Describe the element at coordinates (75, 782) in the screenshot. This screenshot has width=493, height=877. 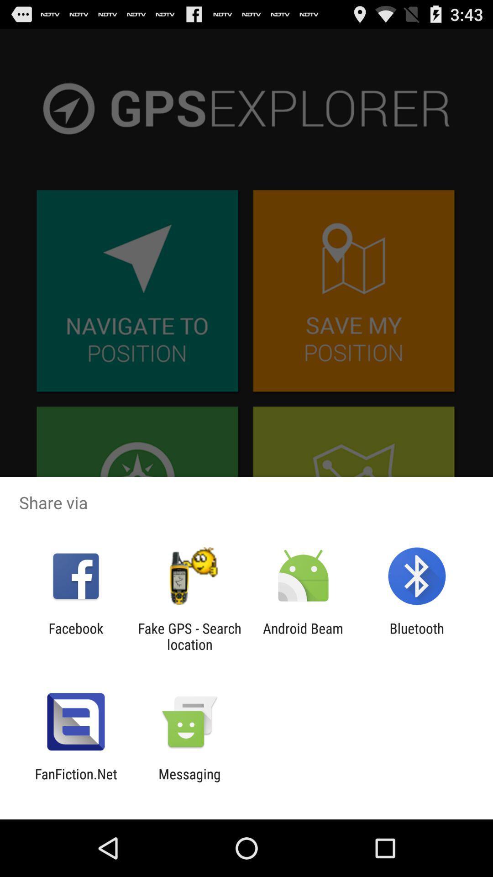
I see `icon next to messaging app` at that location.